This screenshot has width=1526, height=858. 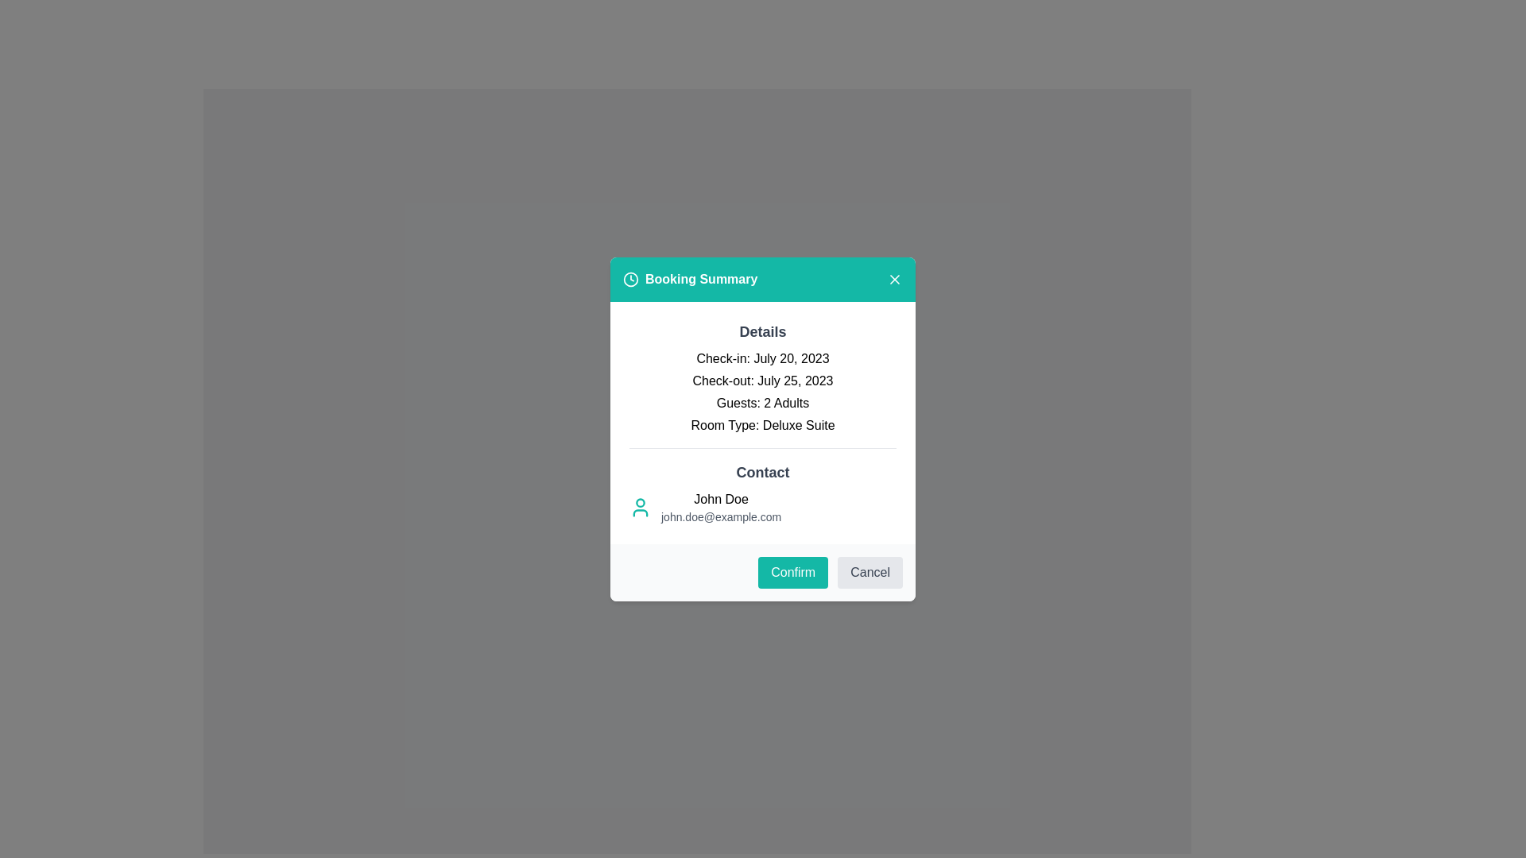 What do you see at coordinates (763, 485) in the screenshot?
I see `contact information displayed in the Text Display Section, which includes the header 'Contact', the name 'John Doe', and the email 'john.doe@example.com'` at bounding box center [763, 485].